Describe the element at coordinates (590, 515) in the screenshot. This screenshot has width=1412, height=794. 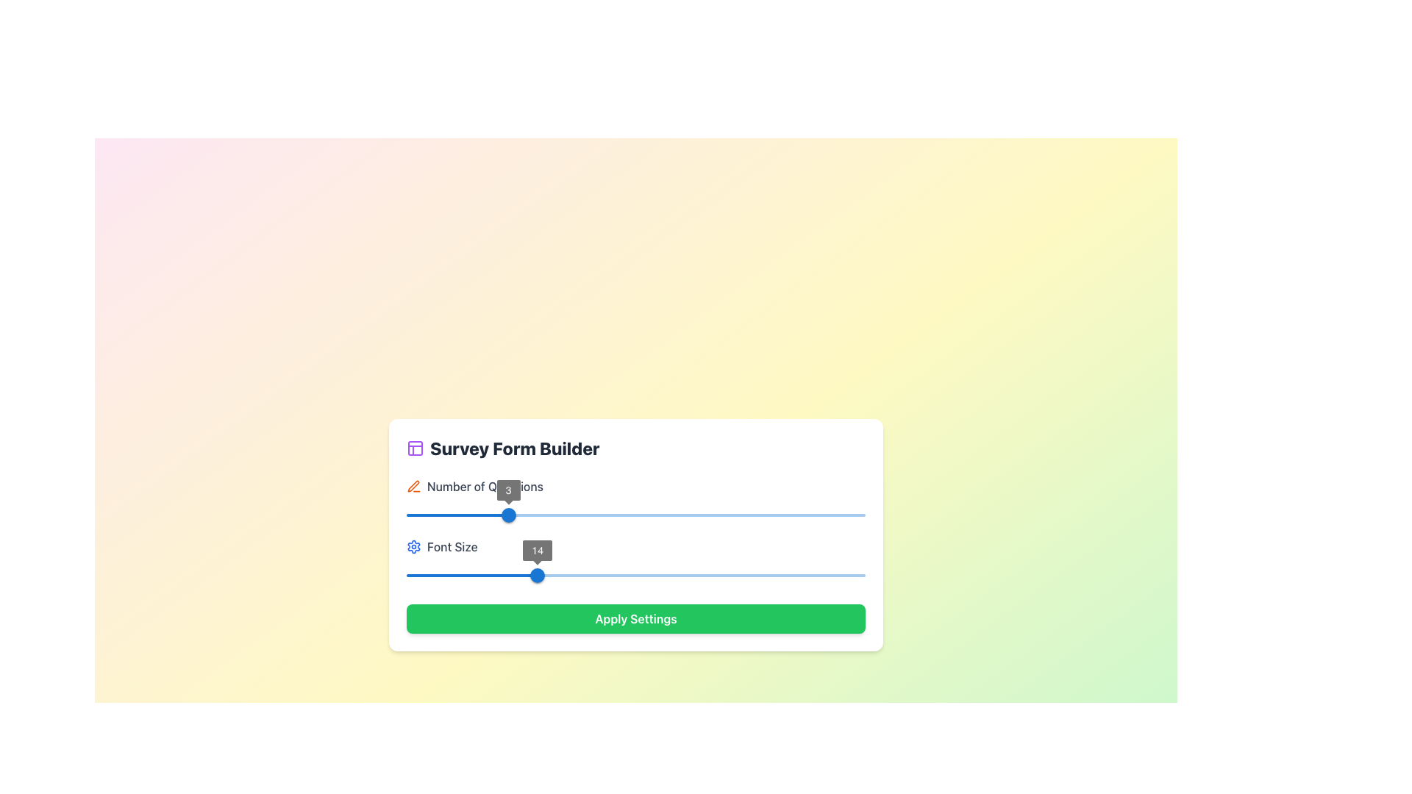
I see `the slider` at that location.